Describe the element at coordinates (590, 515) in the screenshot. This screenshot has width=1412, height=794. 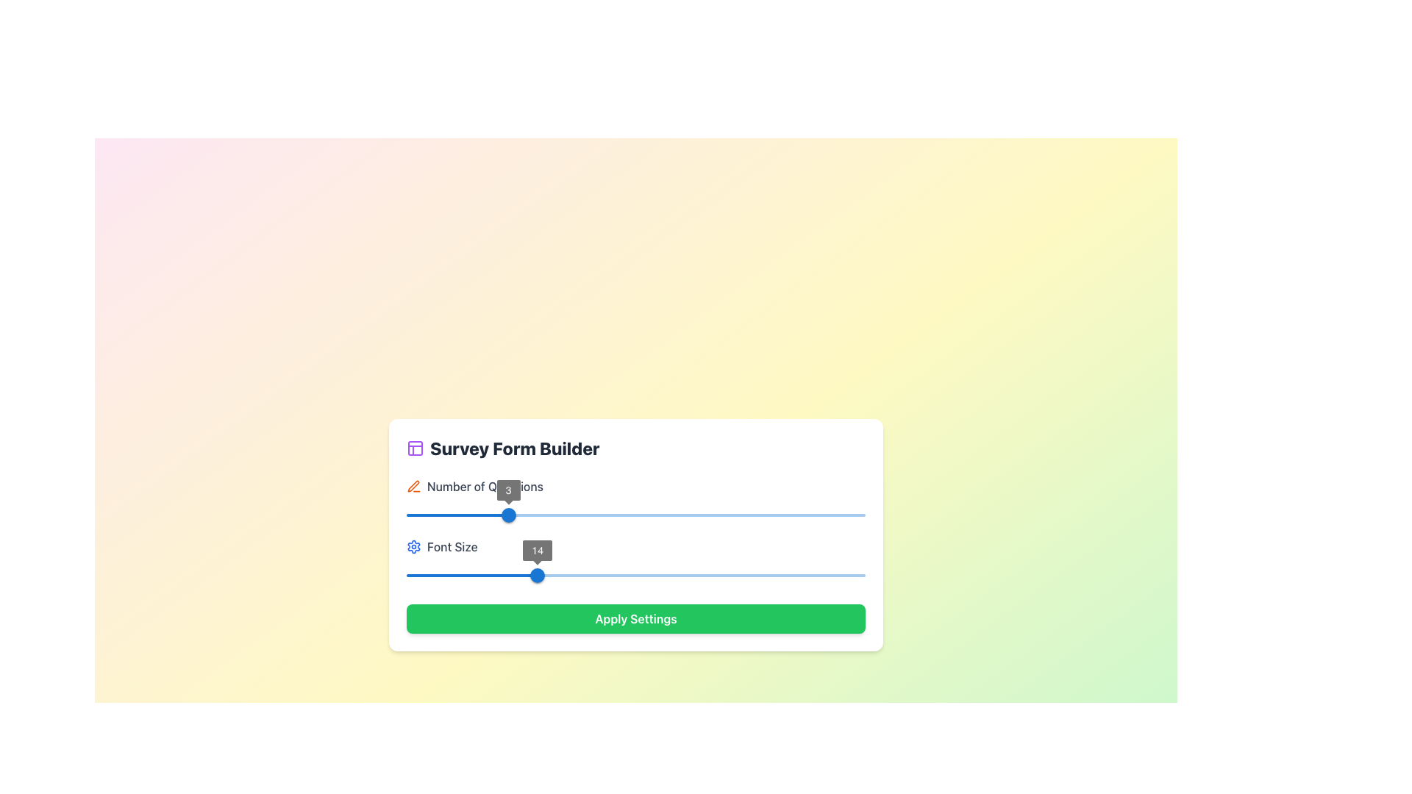
I see `the slider` at that location.